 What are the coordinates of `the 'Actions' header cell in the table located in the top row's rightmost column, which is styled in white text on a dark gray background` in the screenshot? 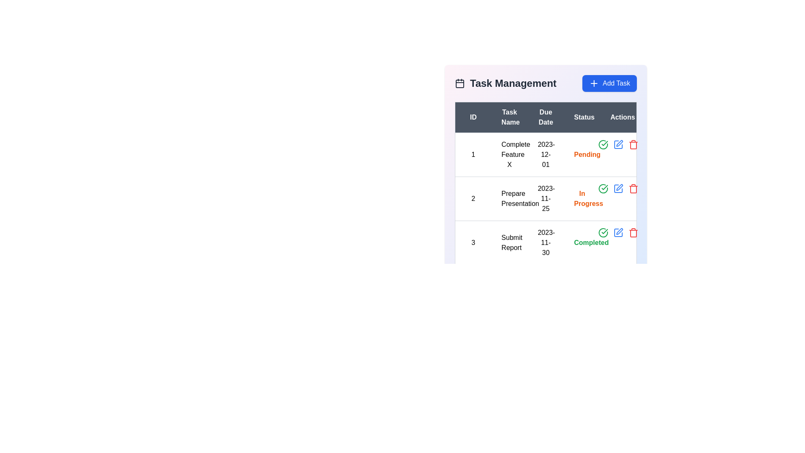 It's located at (618, 117).